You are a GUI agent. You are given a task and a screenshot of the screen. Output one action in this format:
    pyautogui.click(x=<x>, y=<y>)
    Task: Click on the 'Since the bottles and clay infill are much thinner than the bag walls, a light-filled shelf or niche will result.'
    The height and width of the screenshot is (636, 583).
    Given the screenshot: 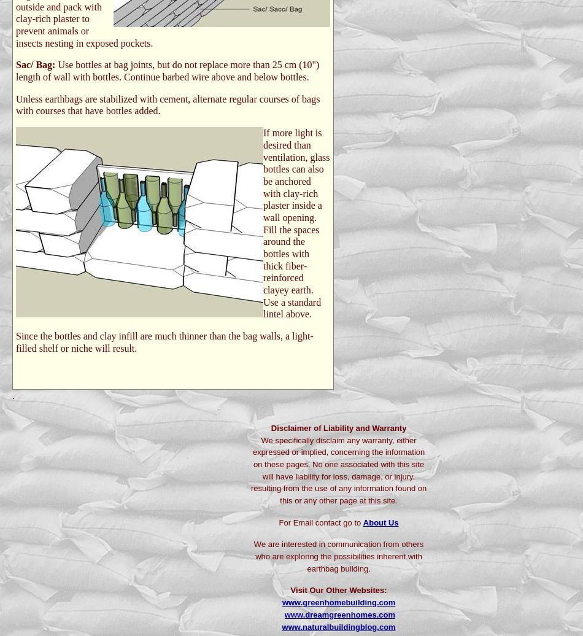 What is the action you would take?
    pyautogui.click(x=163, y=341)
    